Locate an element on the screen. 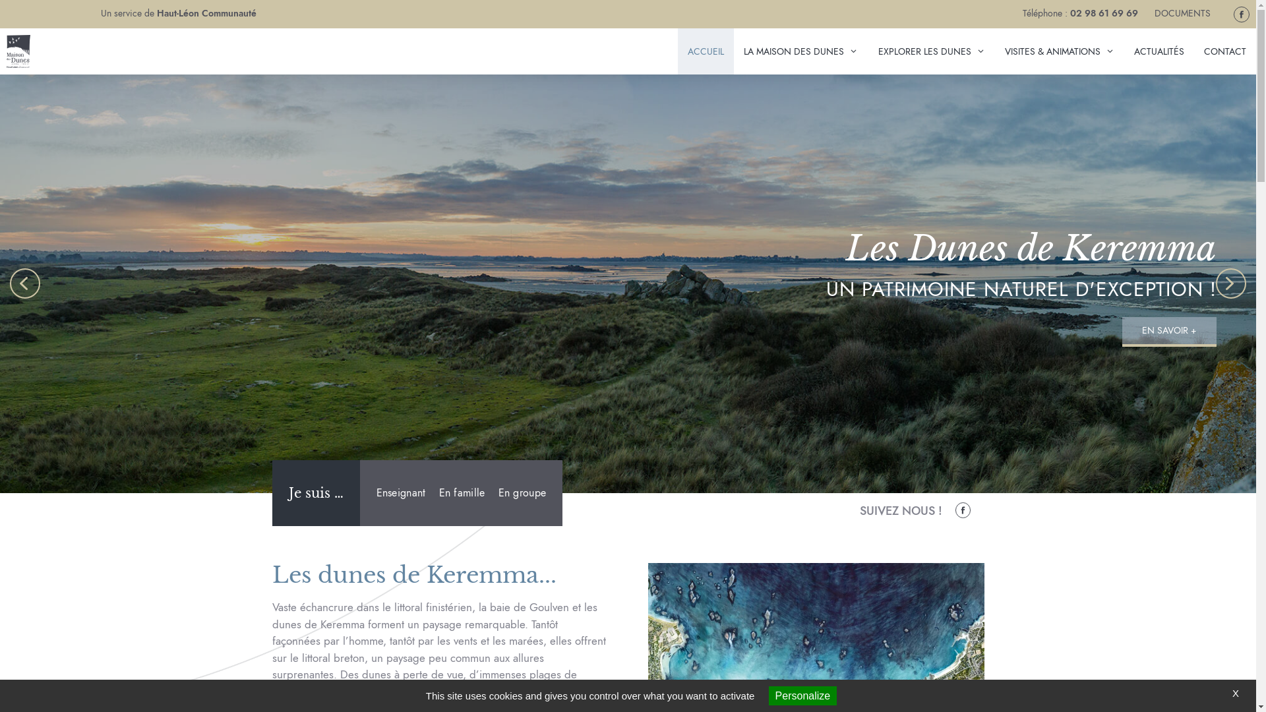  'En groupe' is located at coordinates (527, 493).